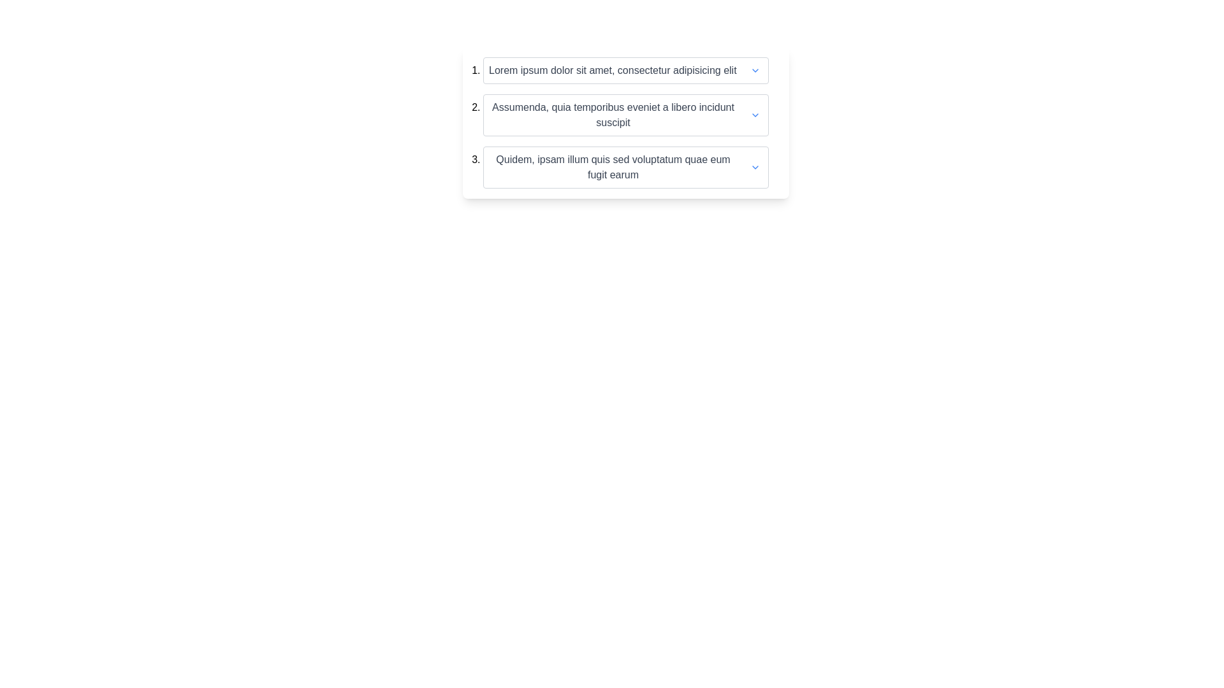 The image size is (1224, 688). Describe the element at coordinates (755, 166) in the screenshot. I see `the button located to the far right of the text 'Quidem, ipsam illum quis sed voluptatum quae eum fugit earum,' which is used` at that location.